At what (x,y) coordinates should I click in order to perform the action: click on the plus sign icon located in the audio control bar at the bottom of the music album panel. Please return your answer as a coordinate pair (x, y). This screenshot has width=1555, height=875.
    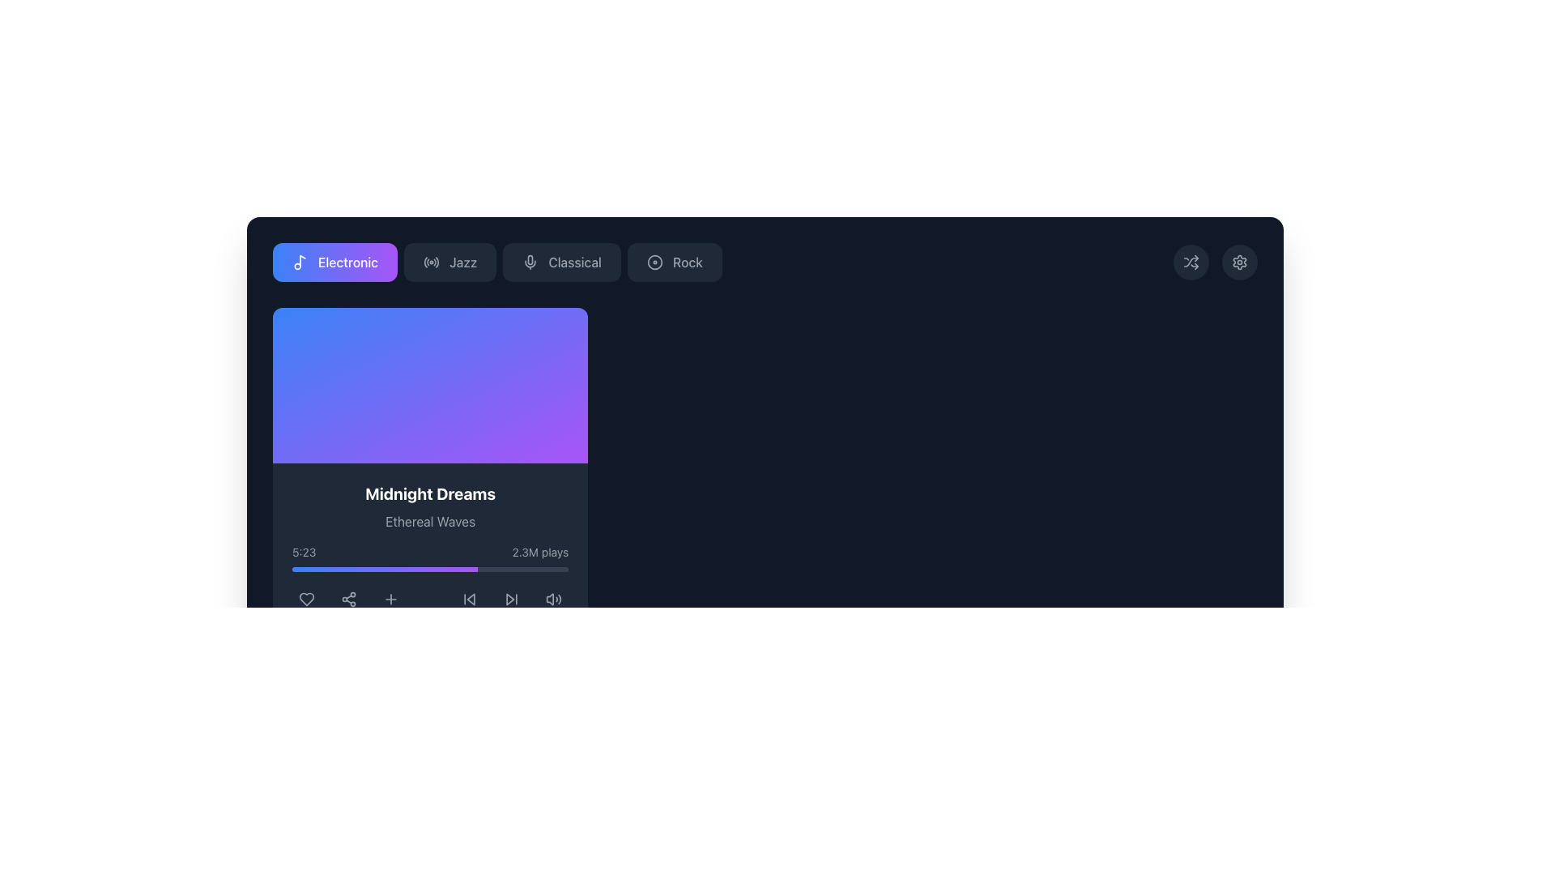
    Looking at the image, I should click on (391, 600).